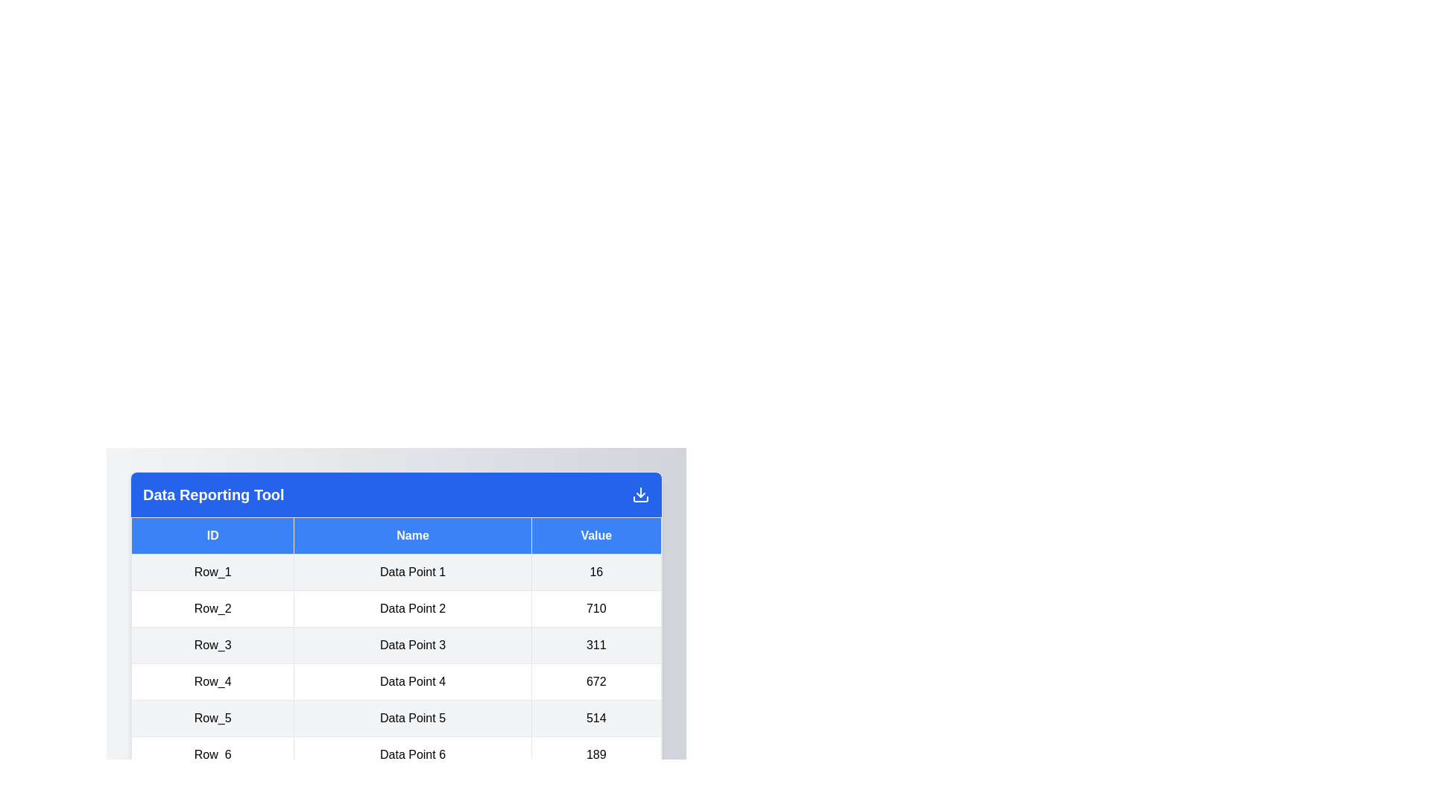  I want to click on the download button to initiate the download process, so click(640, 494).